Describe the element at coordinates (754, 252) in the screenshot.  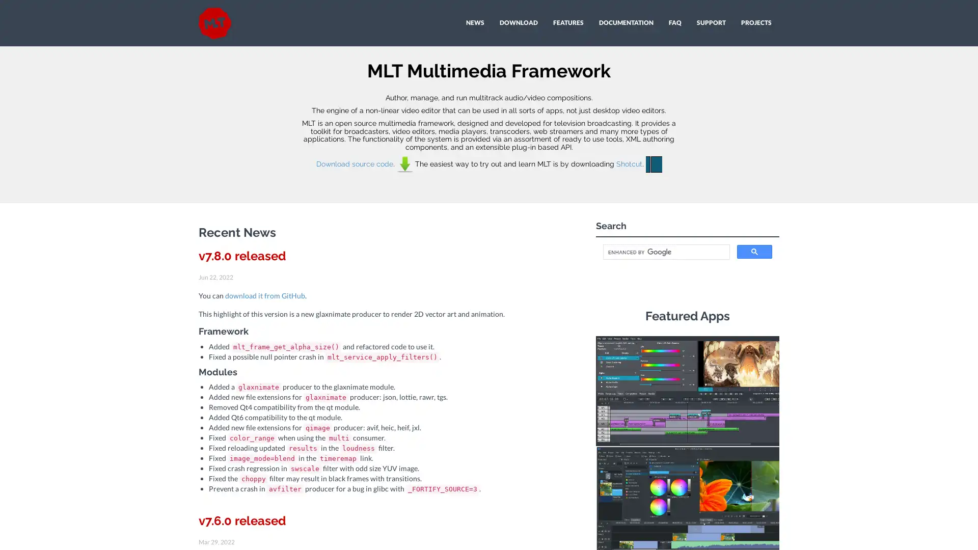
I see `search` at that location.